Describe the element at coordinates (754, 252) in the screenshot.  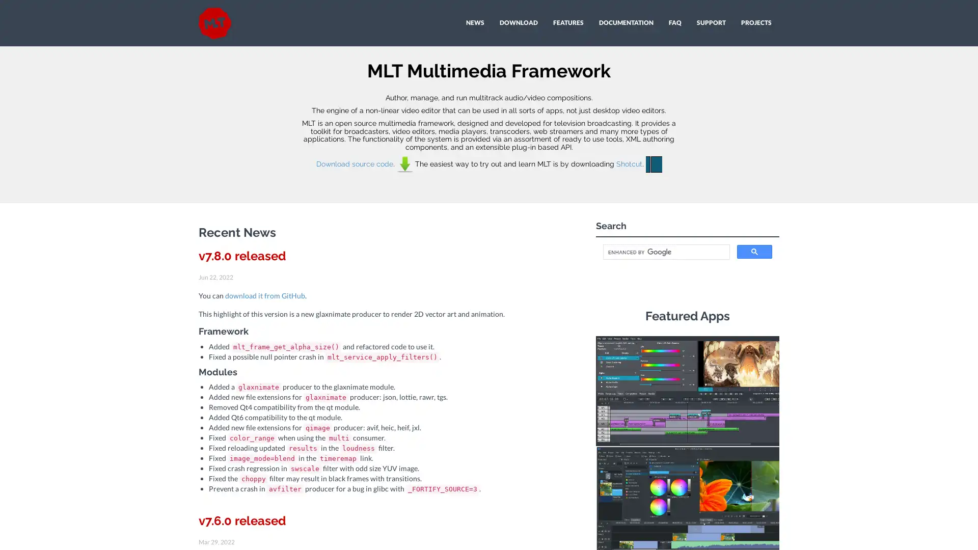
I see `search` at that location.